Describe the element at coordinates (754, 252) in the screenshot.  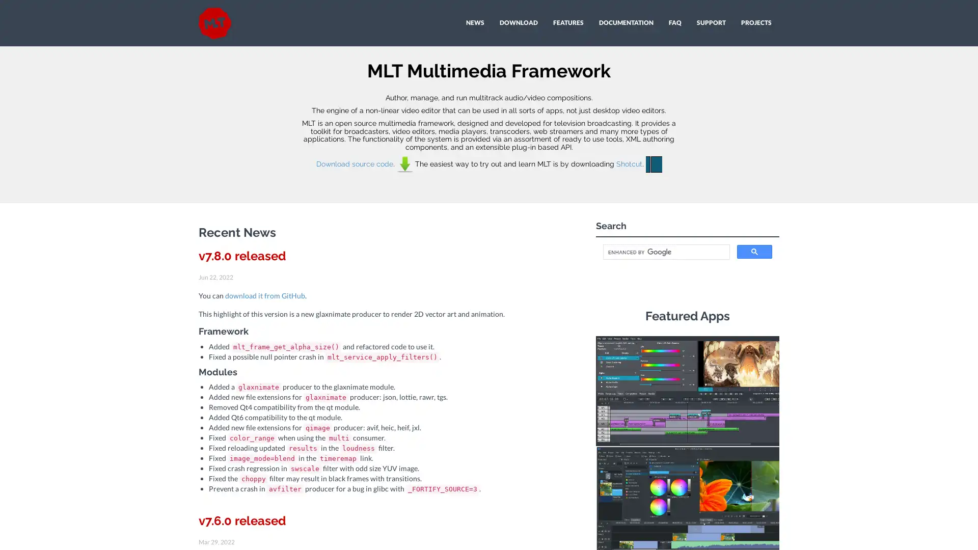
I see `search` at that location.